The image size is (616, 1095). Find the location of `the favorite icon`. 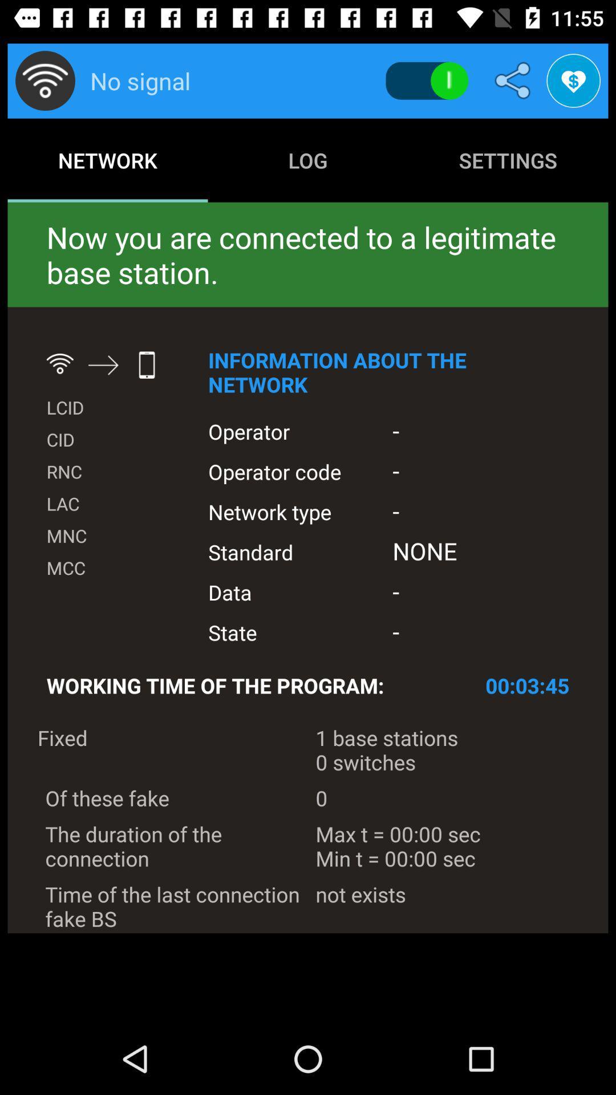

the favorite icon is located at coordinates (573, 80).